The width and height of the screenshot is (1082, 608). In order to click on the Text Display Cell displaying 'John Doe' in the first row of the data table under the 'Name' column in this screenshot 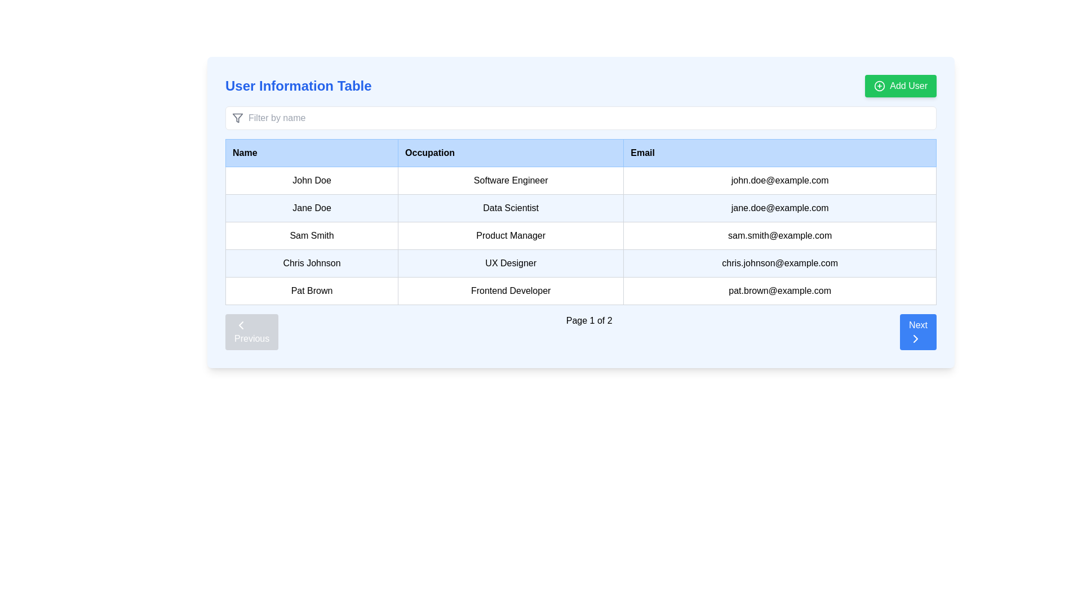, I will do `click(312, 180)`.